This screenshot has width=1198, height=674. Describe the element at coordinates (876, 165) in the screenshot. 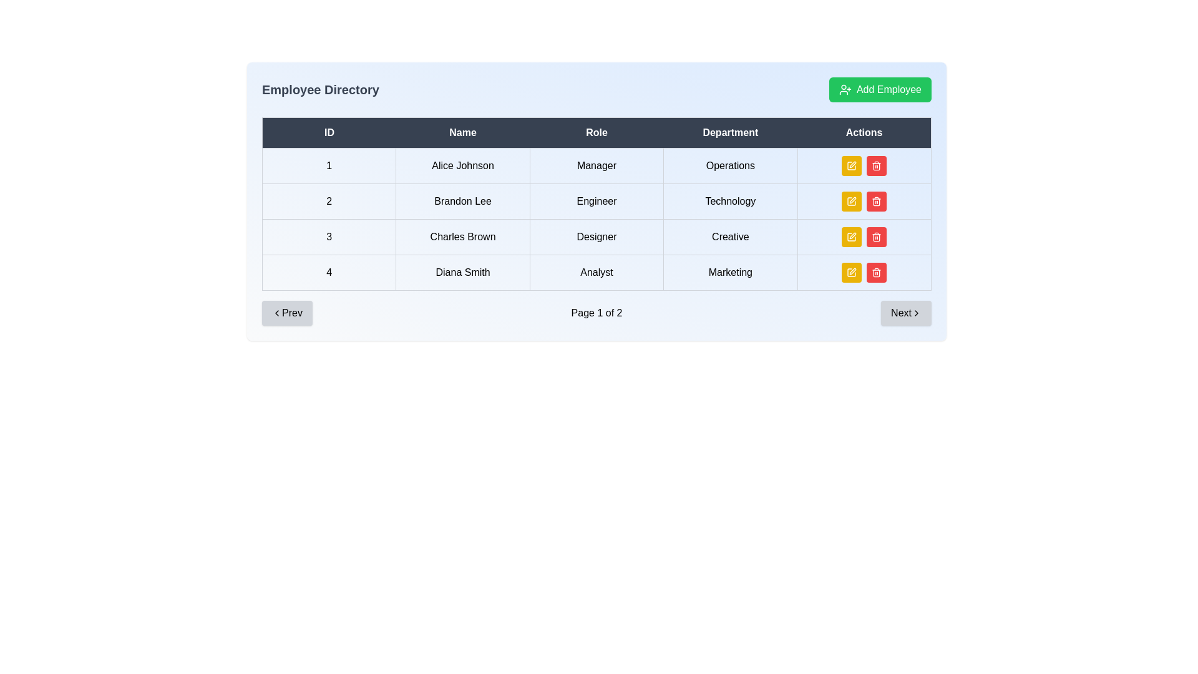

I see `the trash can icon button in the 'Actions' column of the fourth row` at that location.